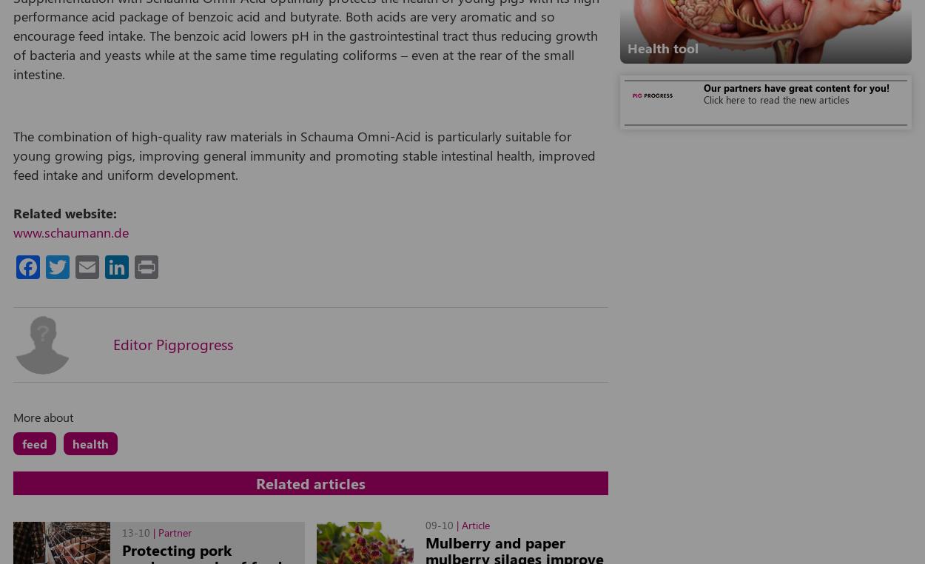 The width and height of the screenshot is (925, 564). I want to click on 'feed', so click(35, 443).